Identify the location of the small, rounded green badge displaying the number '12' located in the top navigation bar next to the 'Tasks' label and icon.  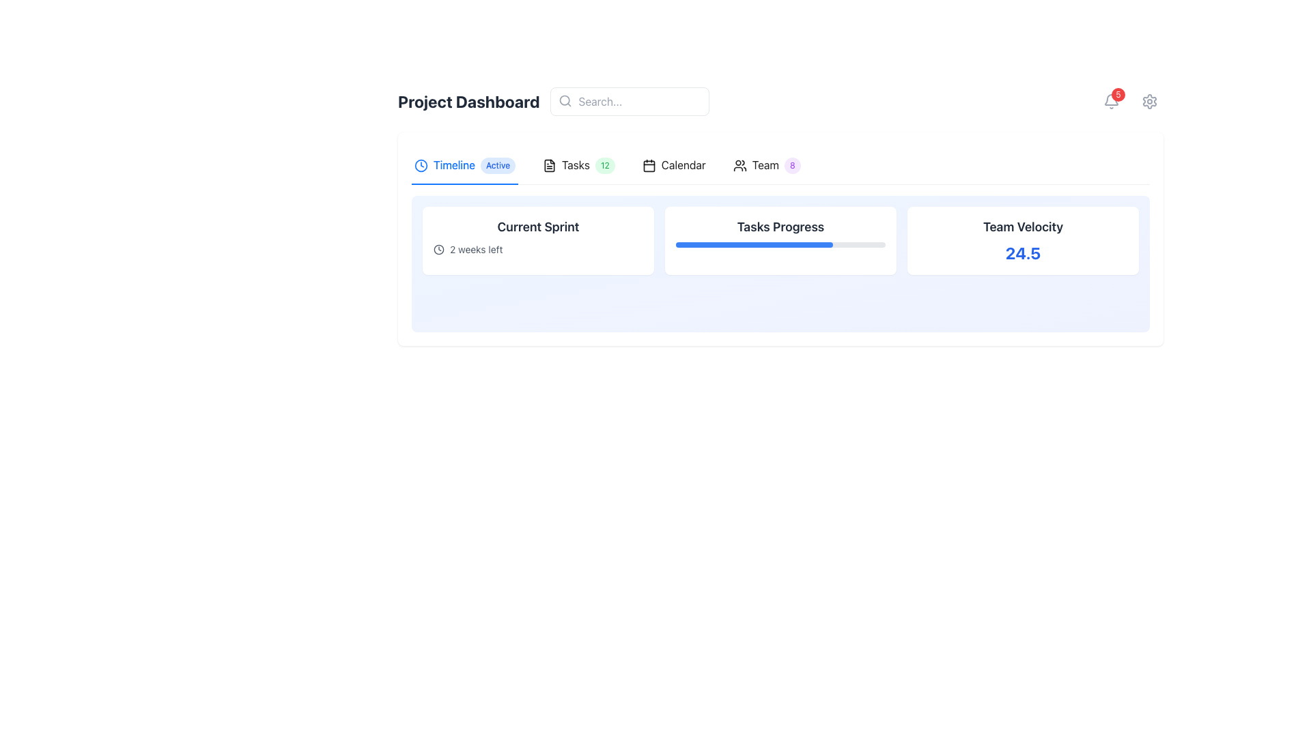
(604, 164).